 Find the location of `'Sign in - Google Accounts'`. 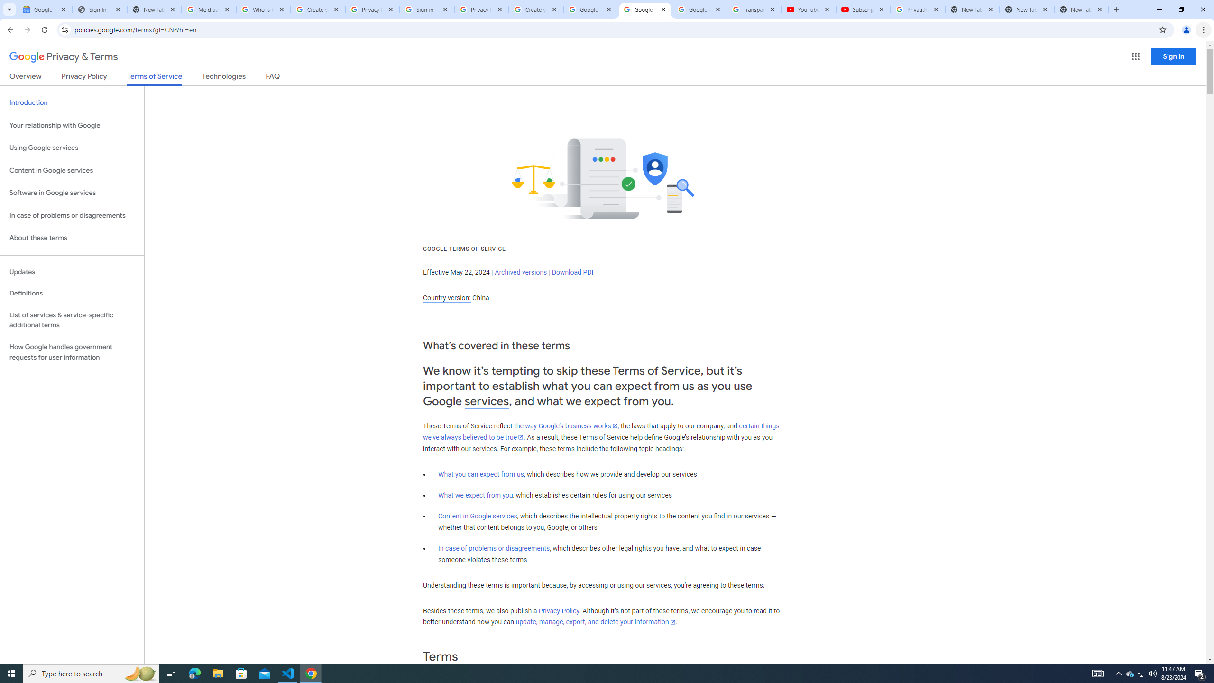

'Sign in - Google Accounts' is located at coordinates (427, 9).